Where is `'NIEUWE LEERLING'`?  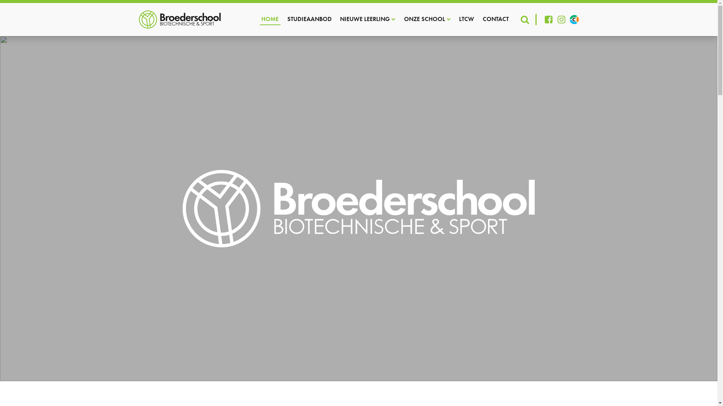
'NIEUWE LEERLING' is located at coordinates (368, 19).